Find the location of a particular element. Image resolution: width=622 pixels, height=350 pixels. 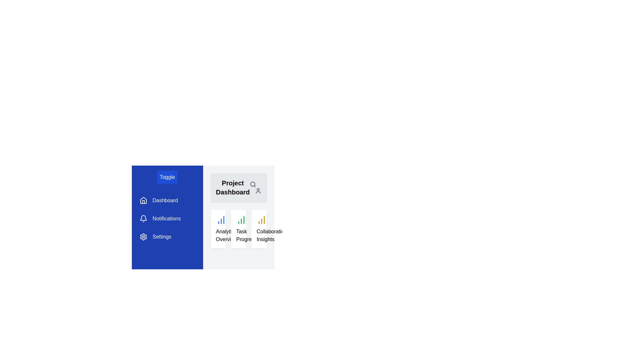

the 'Toggle' button, which is a rectangular button with a rounded blue background located at the top of the vertical navigation sidebar is located at coordinates (167, 177).